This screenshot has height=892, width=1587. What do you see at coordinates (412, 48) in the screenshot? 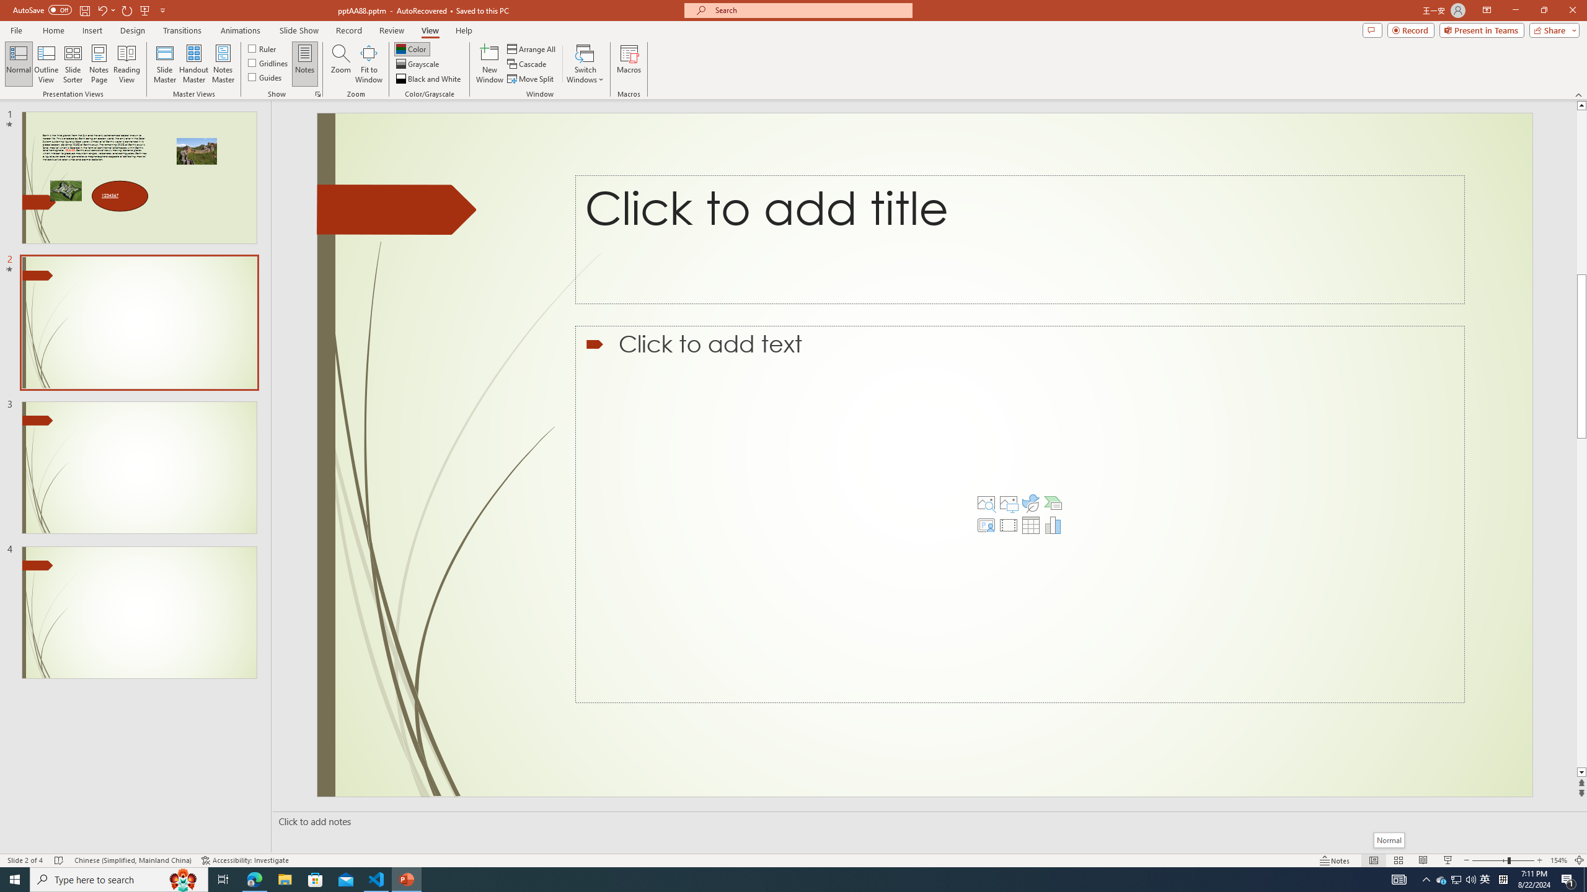
I see `'Color'` at bounding box center [412, 48].